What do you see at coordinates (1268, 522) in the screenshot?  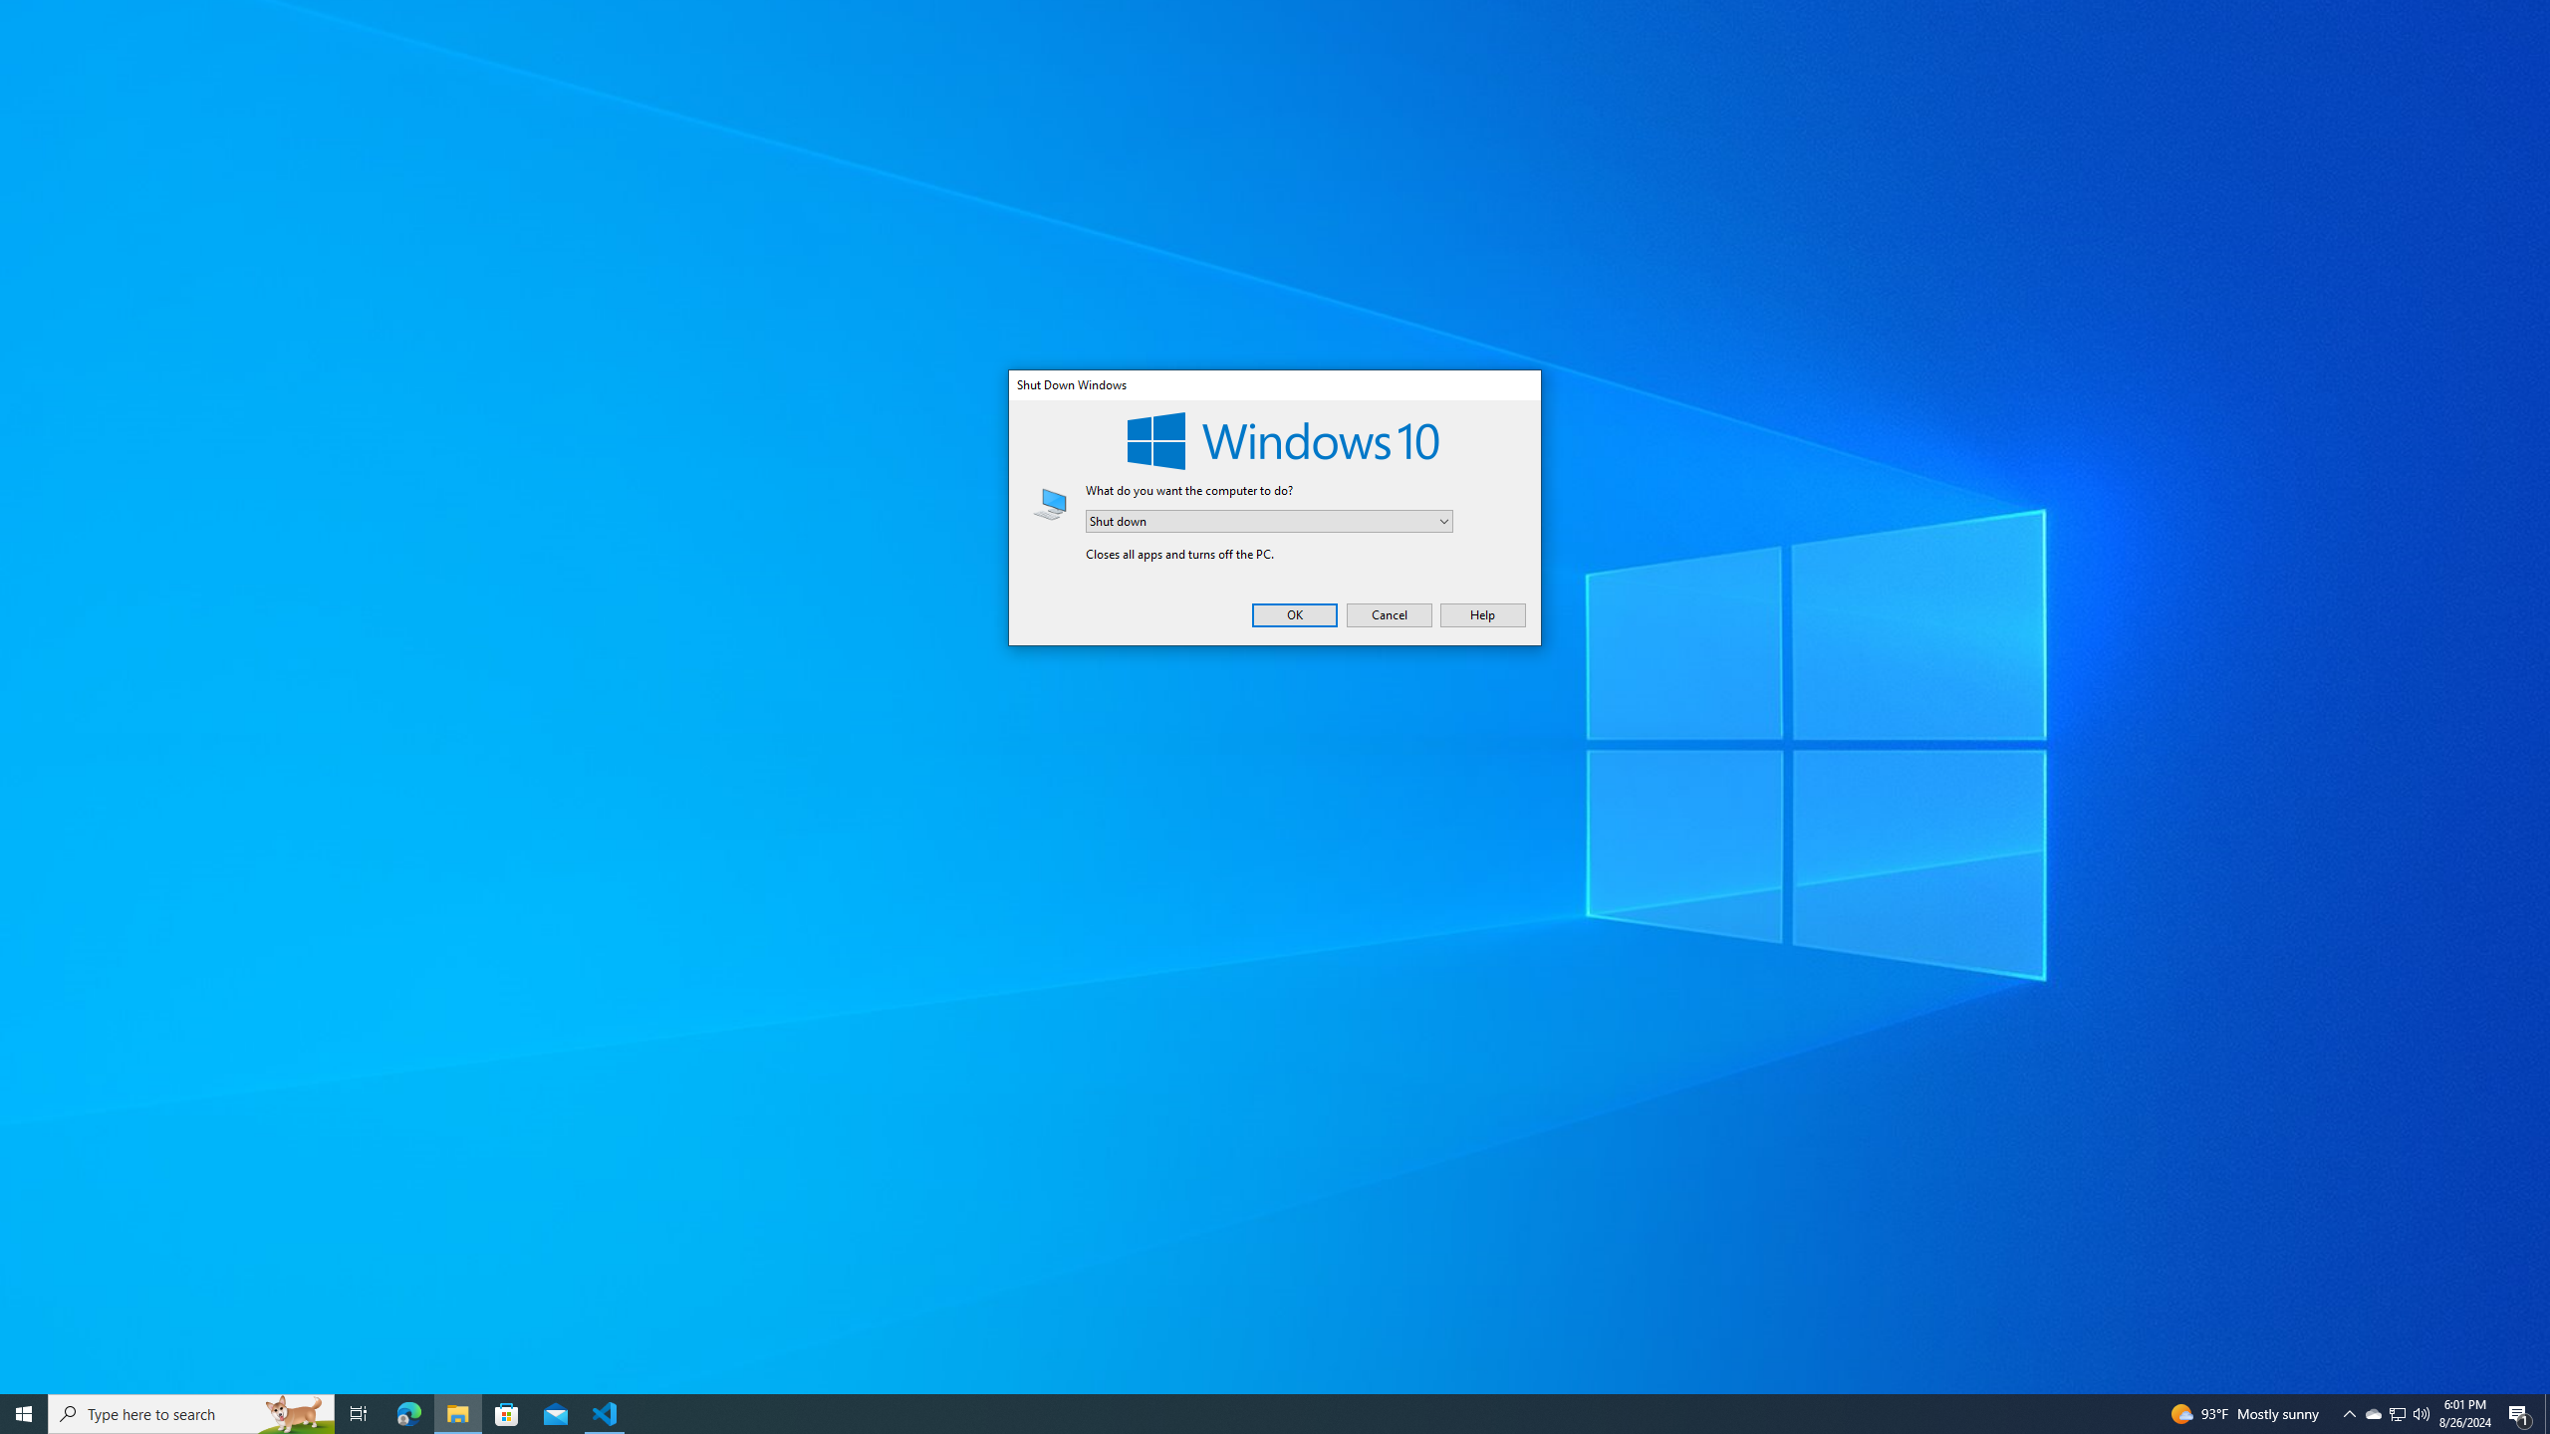 I see `'What do you want the computer to do?'` at bounding box center [1268, 522].